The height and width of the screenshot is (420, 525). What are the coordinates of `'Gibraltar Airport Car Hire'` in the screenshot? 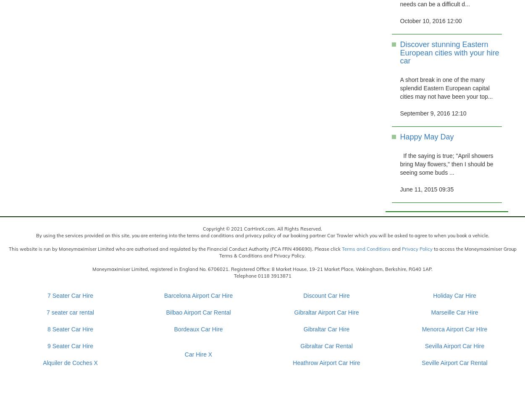 It's located at (326, 312).